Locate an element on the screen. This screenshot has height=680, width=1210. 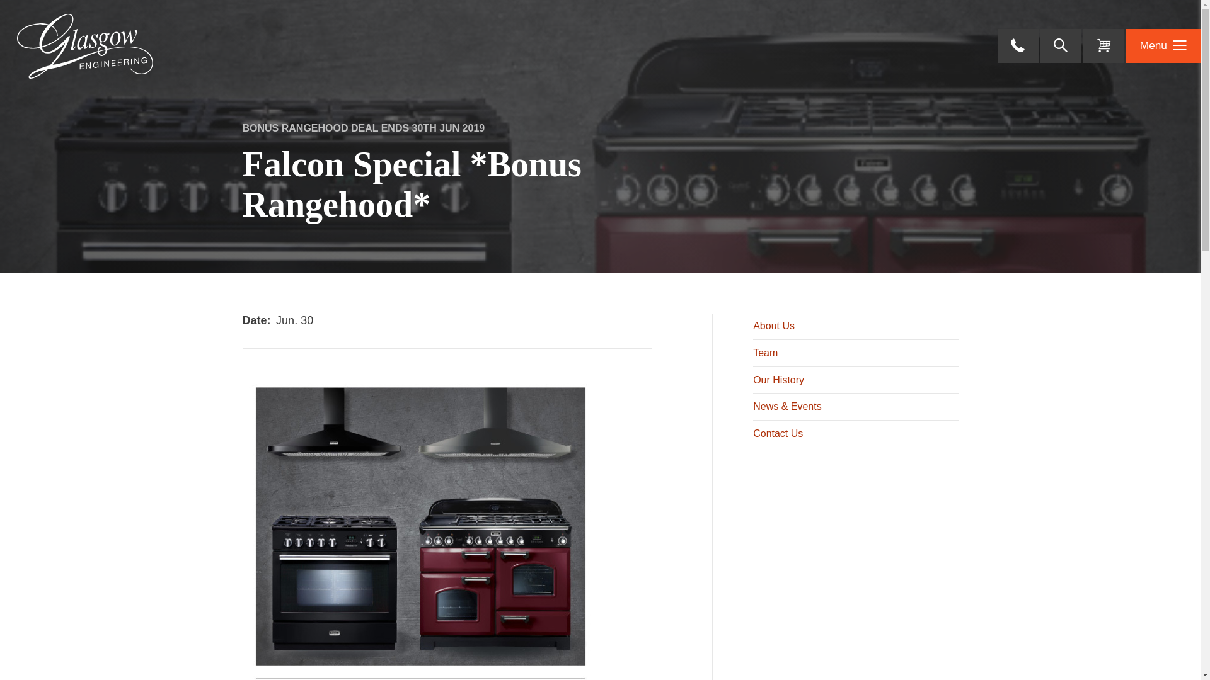
'Contact Us' is located at coordinates (855, 433).